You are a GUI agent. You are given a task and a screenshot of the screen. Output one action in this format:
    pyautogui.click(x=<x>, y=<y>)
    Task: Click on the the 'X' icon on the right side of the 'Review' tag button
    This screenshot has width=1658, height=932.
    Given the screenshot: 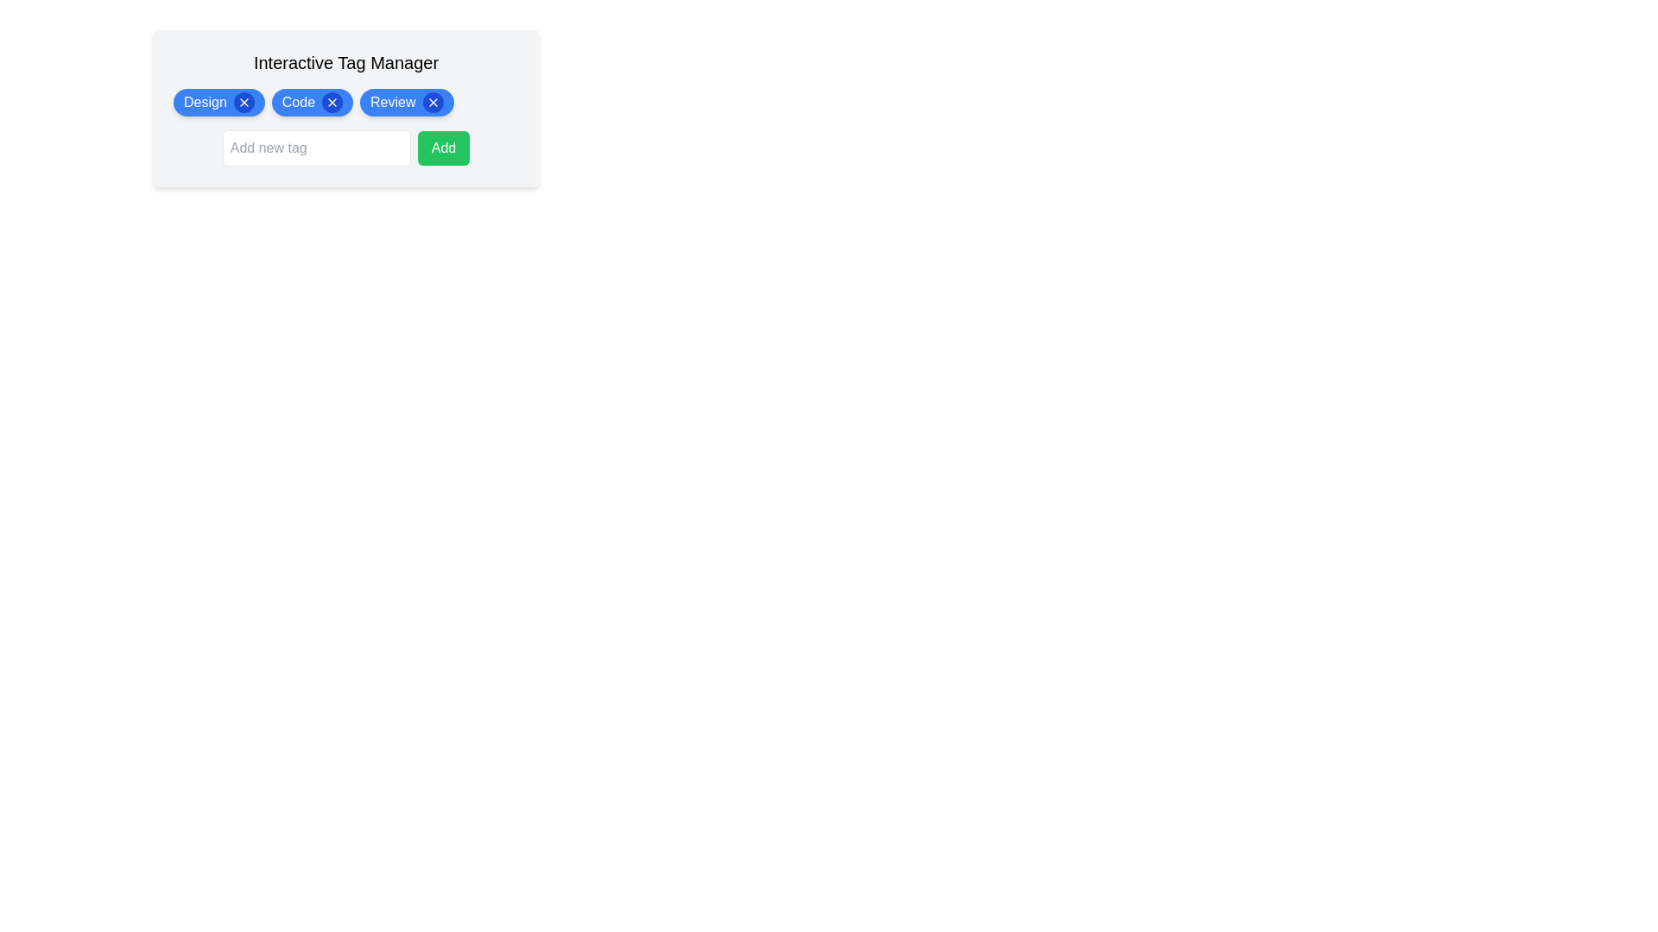 What is the action you would take?
    pyautogui.click(x=406, y=103)
    